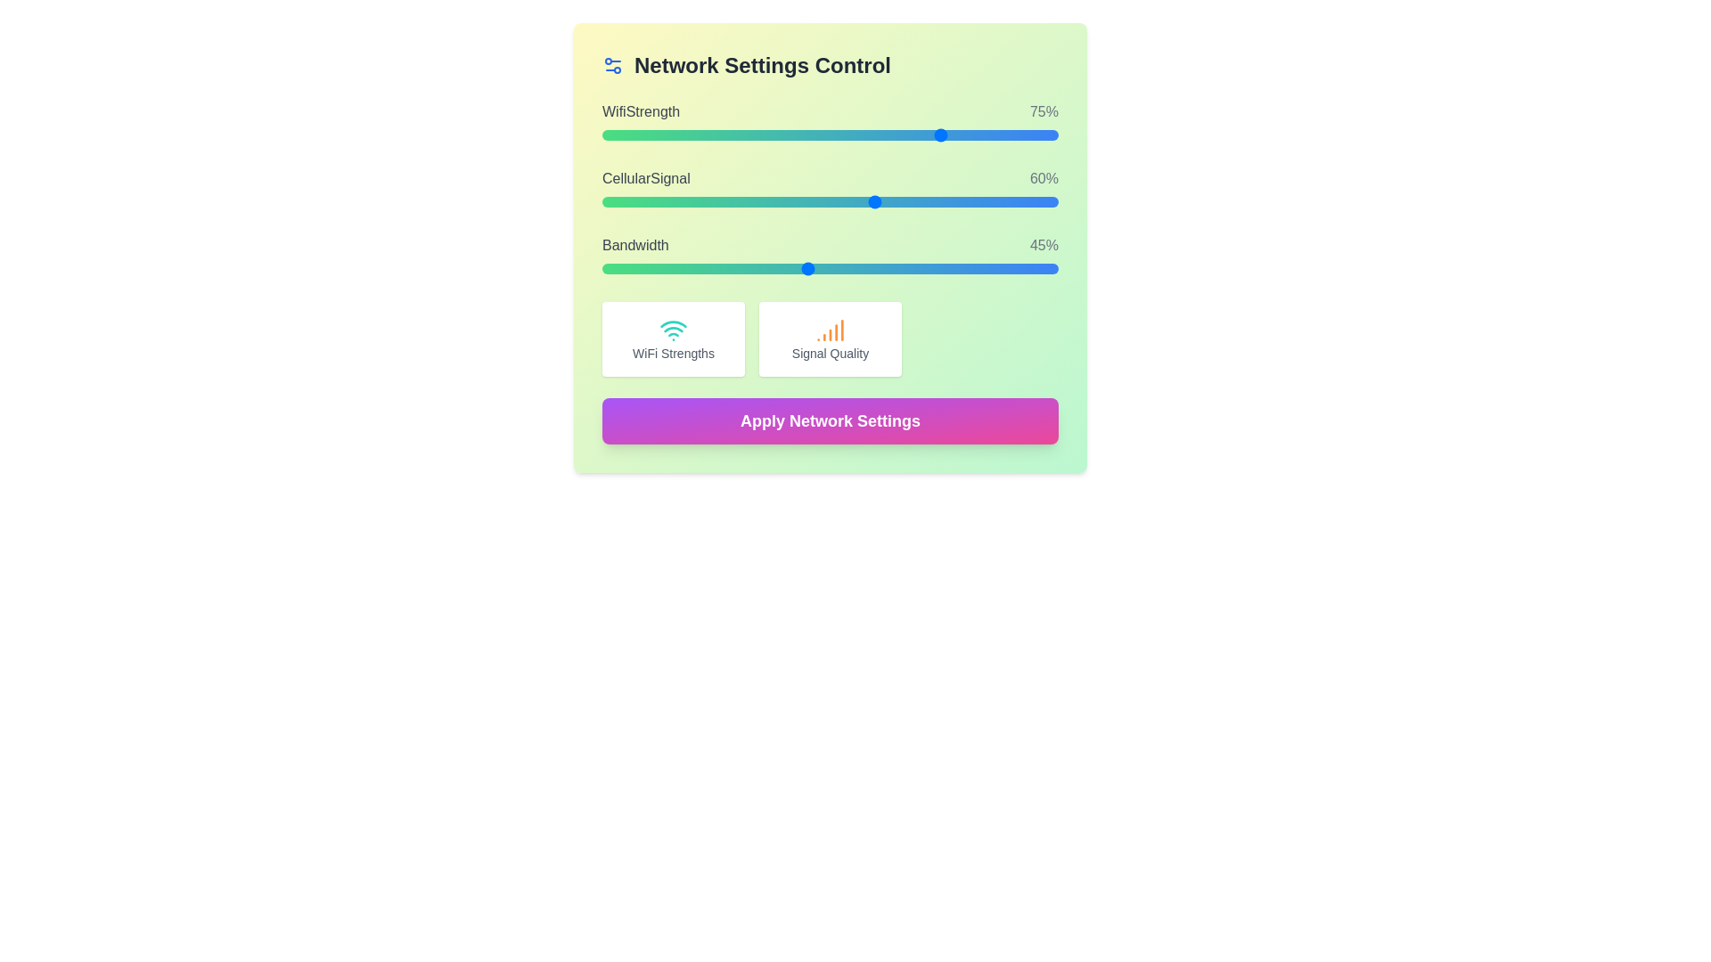 The image size is (1711, 962). Describe the element at coordinates (962, 268) in the screenshot. I see `the Bandwidth slider` at that location.